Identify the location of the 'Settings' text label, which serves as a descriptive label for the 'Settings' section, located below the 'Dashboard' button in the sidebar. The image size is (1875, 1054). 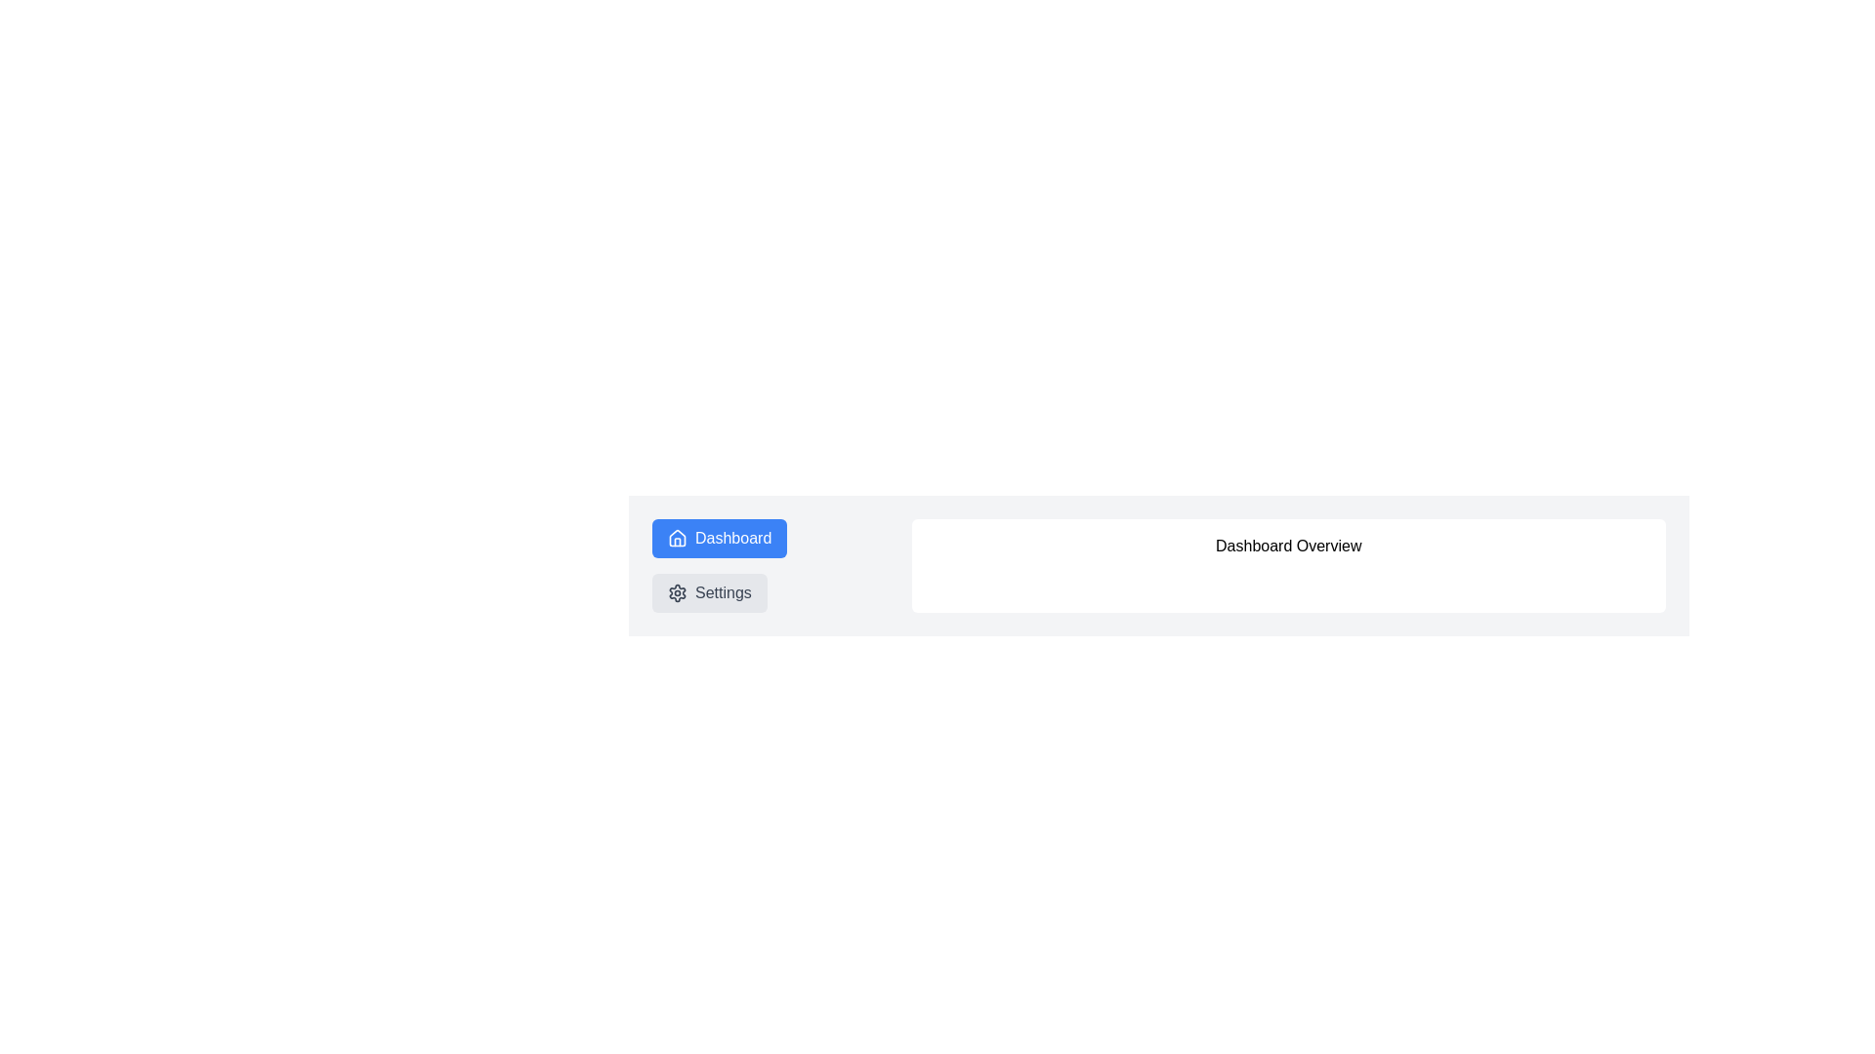
(722, 592).